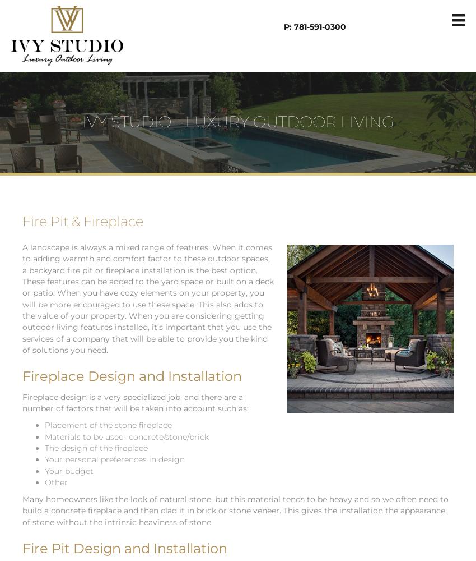  What do you see at coordinates (22, 402) in the screenshot?
I see `'Fireplace design is a very specialized job, and there are a number of factors that will be taken into account such as:'` at bounding box center [22, 402].